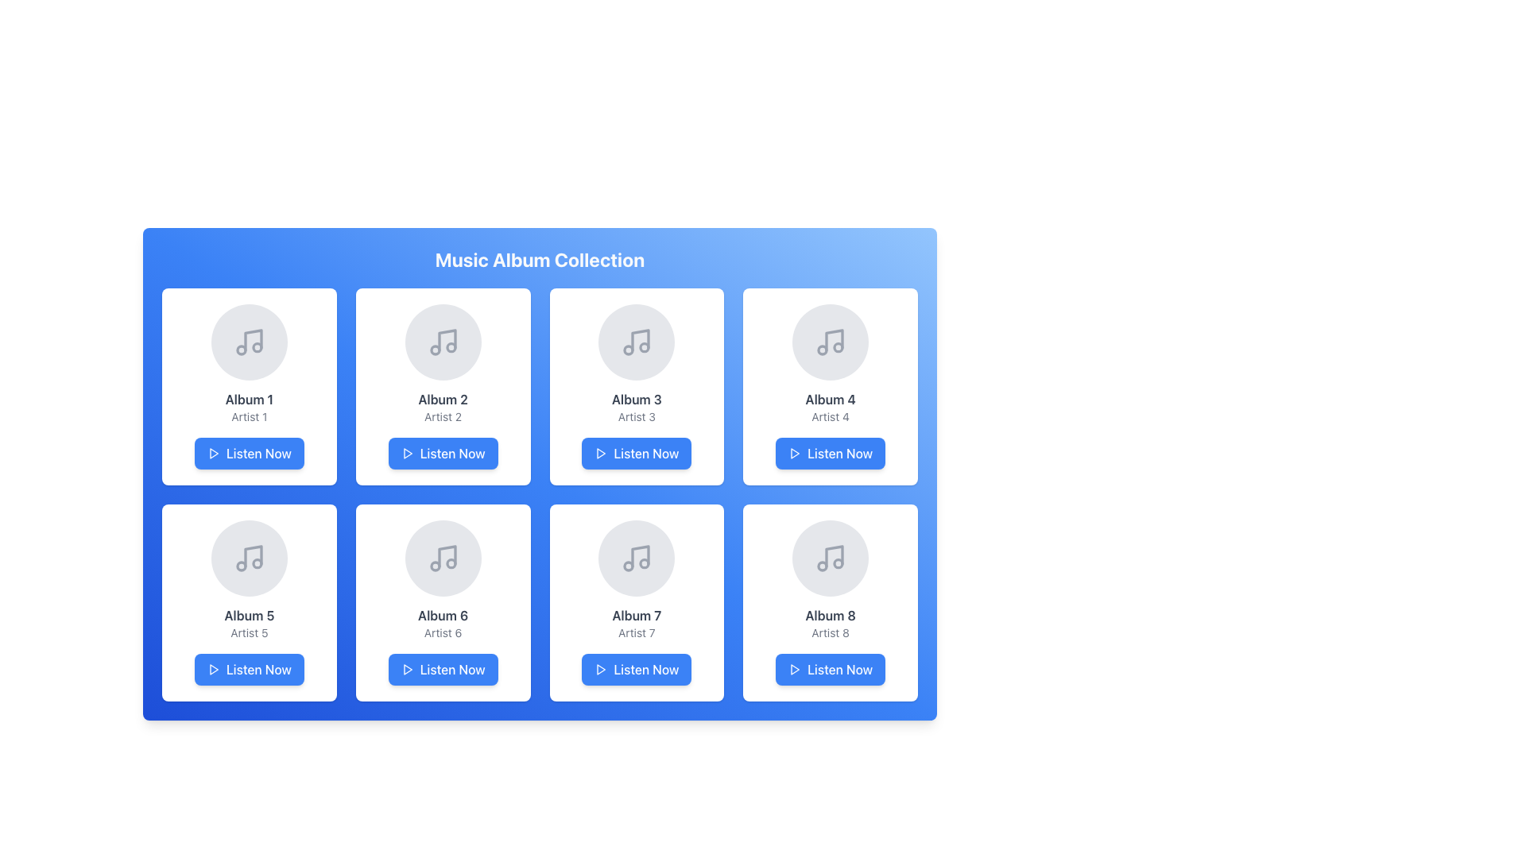 Image resolution: width=1526 pixels, height=858 pixels. What do you see at coordinates (830, 386) in the screenshot?
I see `the music album card representing 'Album 4' by 'Artist 4'` at bounding box center [830, 386].